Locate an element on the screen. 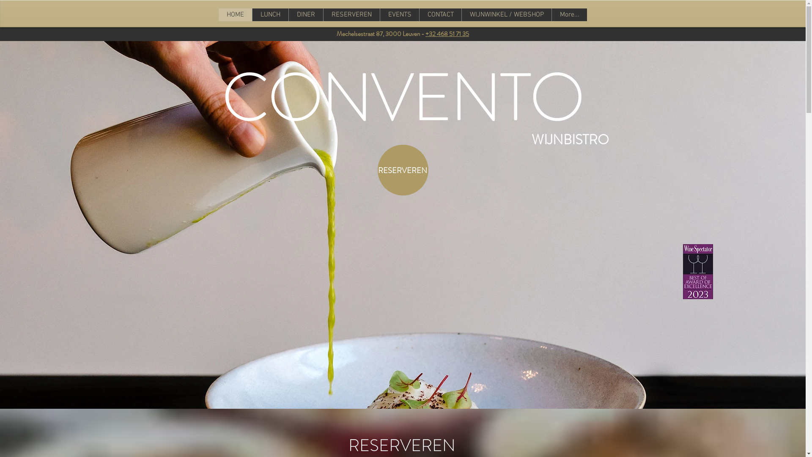 The width and height of the screenshot is (812, 457). 'DINER' is located at coordinates (335, 14).